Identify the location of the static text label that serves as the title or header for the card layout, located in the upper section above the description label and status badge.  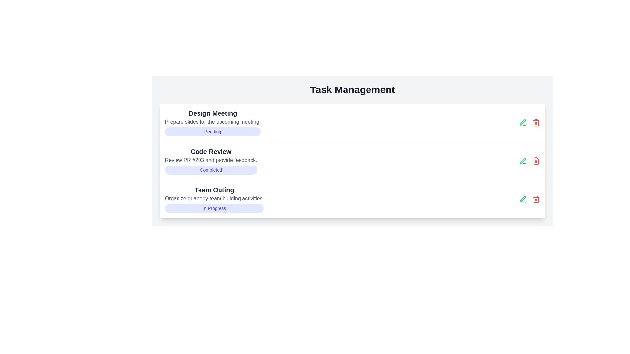
(213, 113).